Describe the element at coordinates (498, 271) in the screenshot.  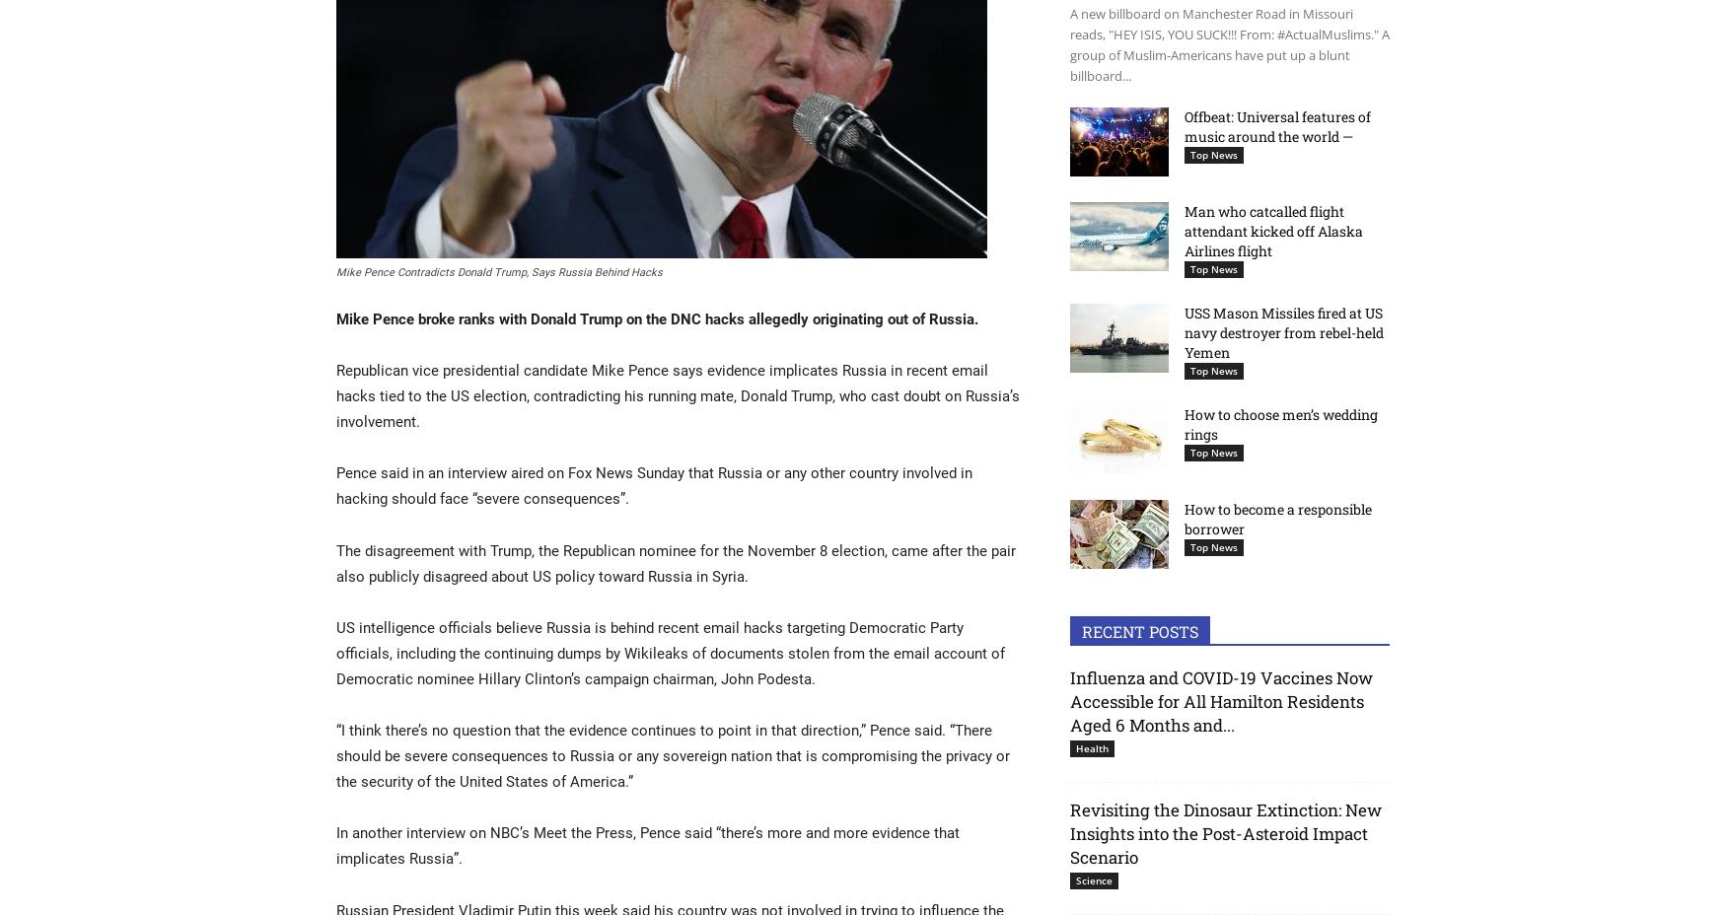
I see `'Mike Pence Contradicts Donald Trump, Says Russia Behind Hacks'` at that location.